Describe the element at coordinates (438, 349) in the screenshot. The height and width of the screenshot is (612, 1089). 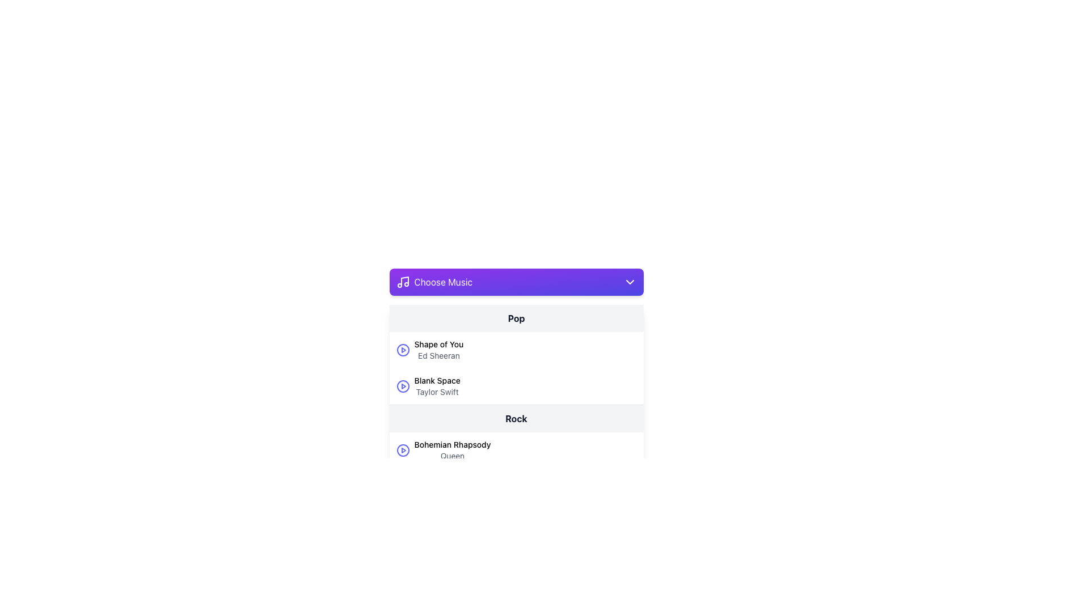
I see `the text label for the song 'Shape of You' by Ed Sheeran` at that location.